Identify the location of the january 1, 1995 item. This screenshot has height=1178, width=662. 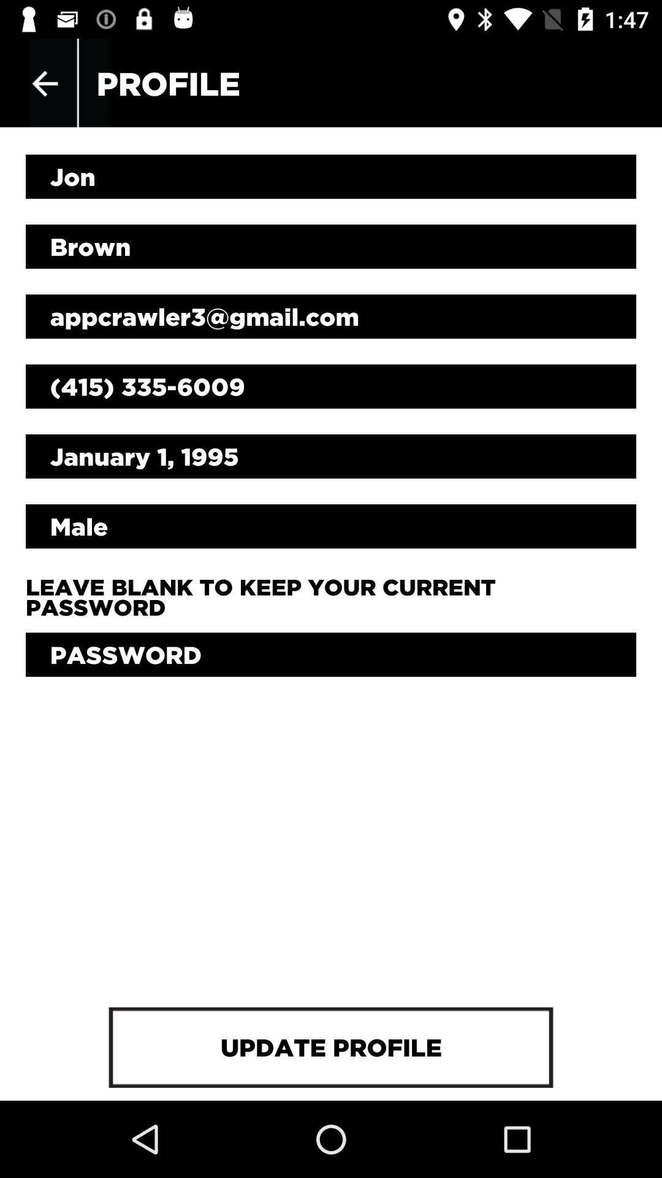
(331, 456).